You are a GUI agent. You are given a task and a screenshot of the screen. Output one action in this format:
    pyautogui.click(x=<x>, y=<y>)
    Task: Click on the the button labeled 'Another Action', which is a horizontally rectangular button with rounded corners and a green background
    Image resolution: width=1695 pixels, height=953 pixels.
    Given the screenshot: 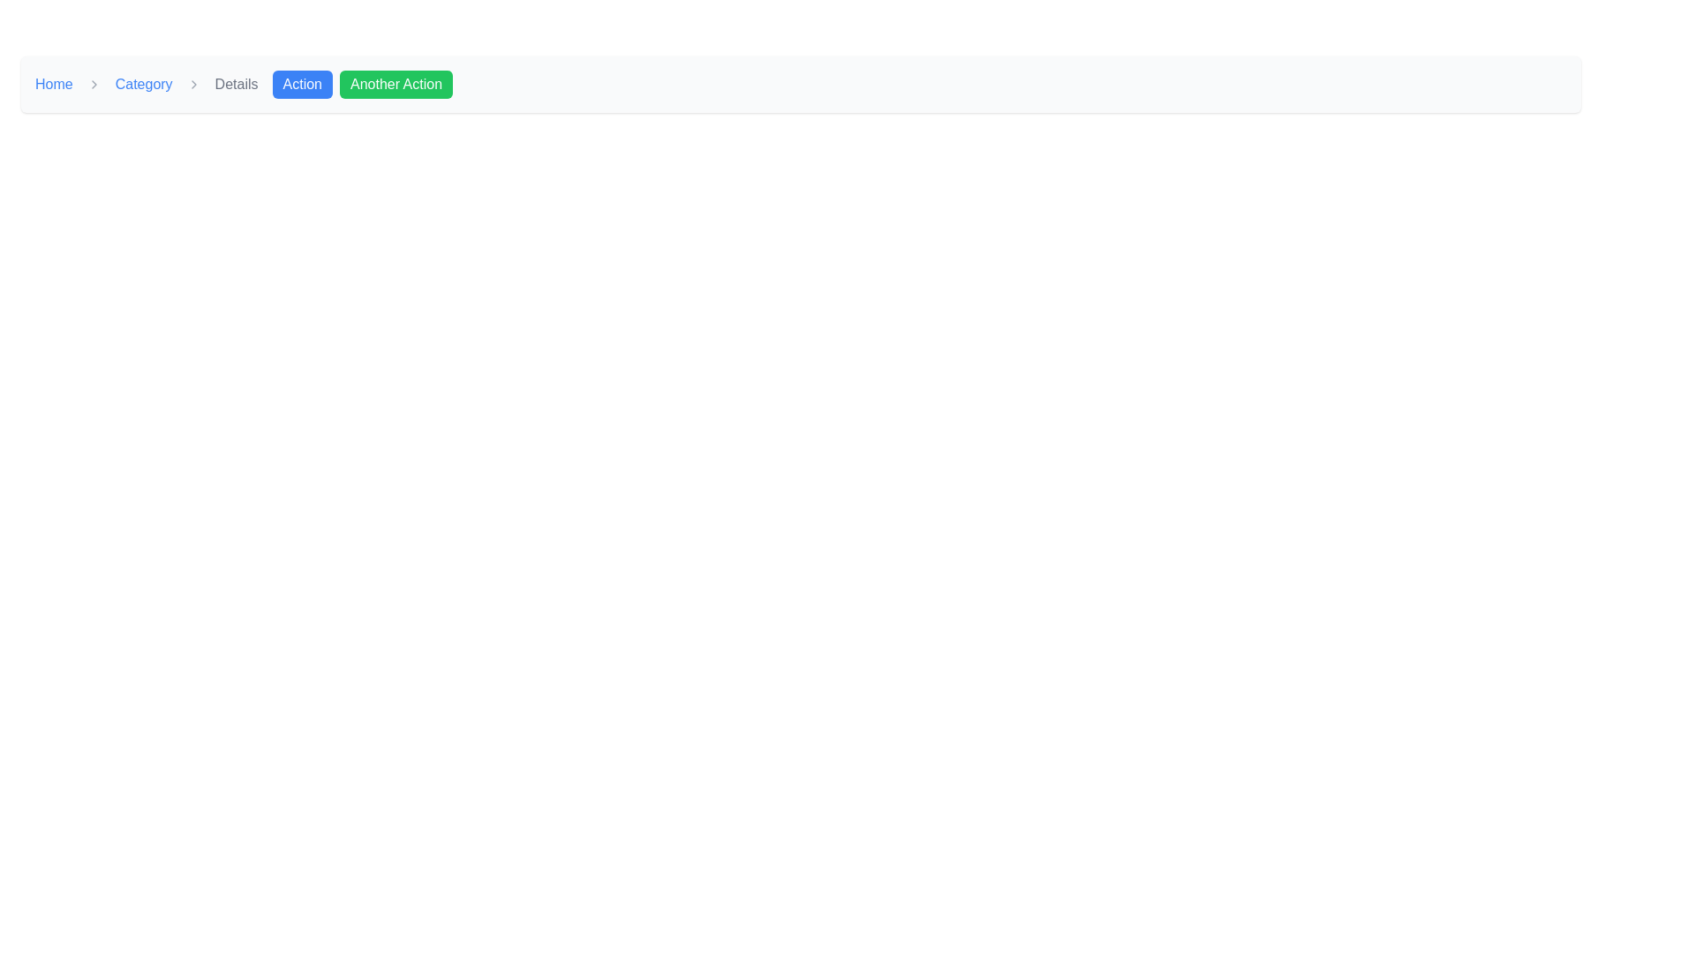 What is the action you would take?
    pyautogui.click(x=395, y=85)
    